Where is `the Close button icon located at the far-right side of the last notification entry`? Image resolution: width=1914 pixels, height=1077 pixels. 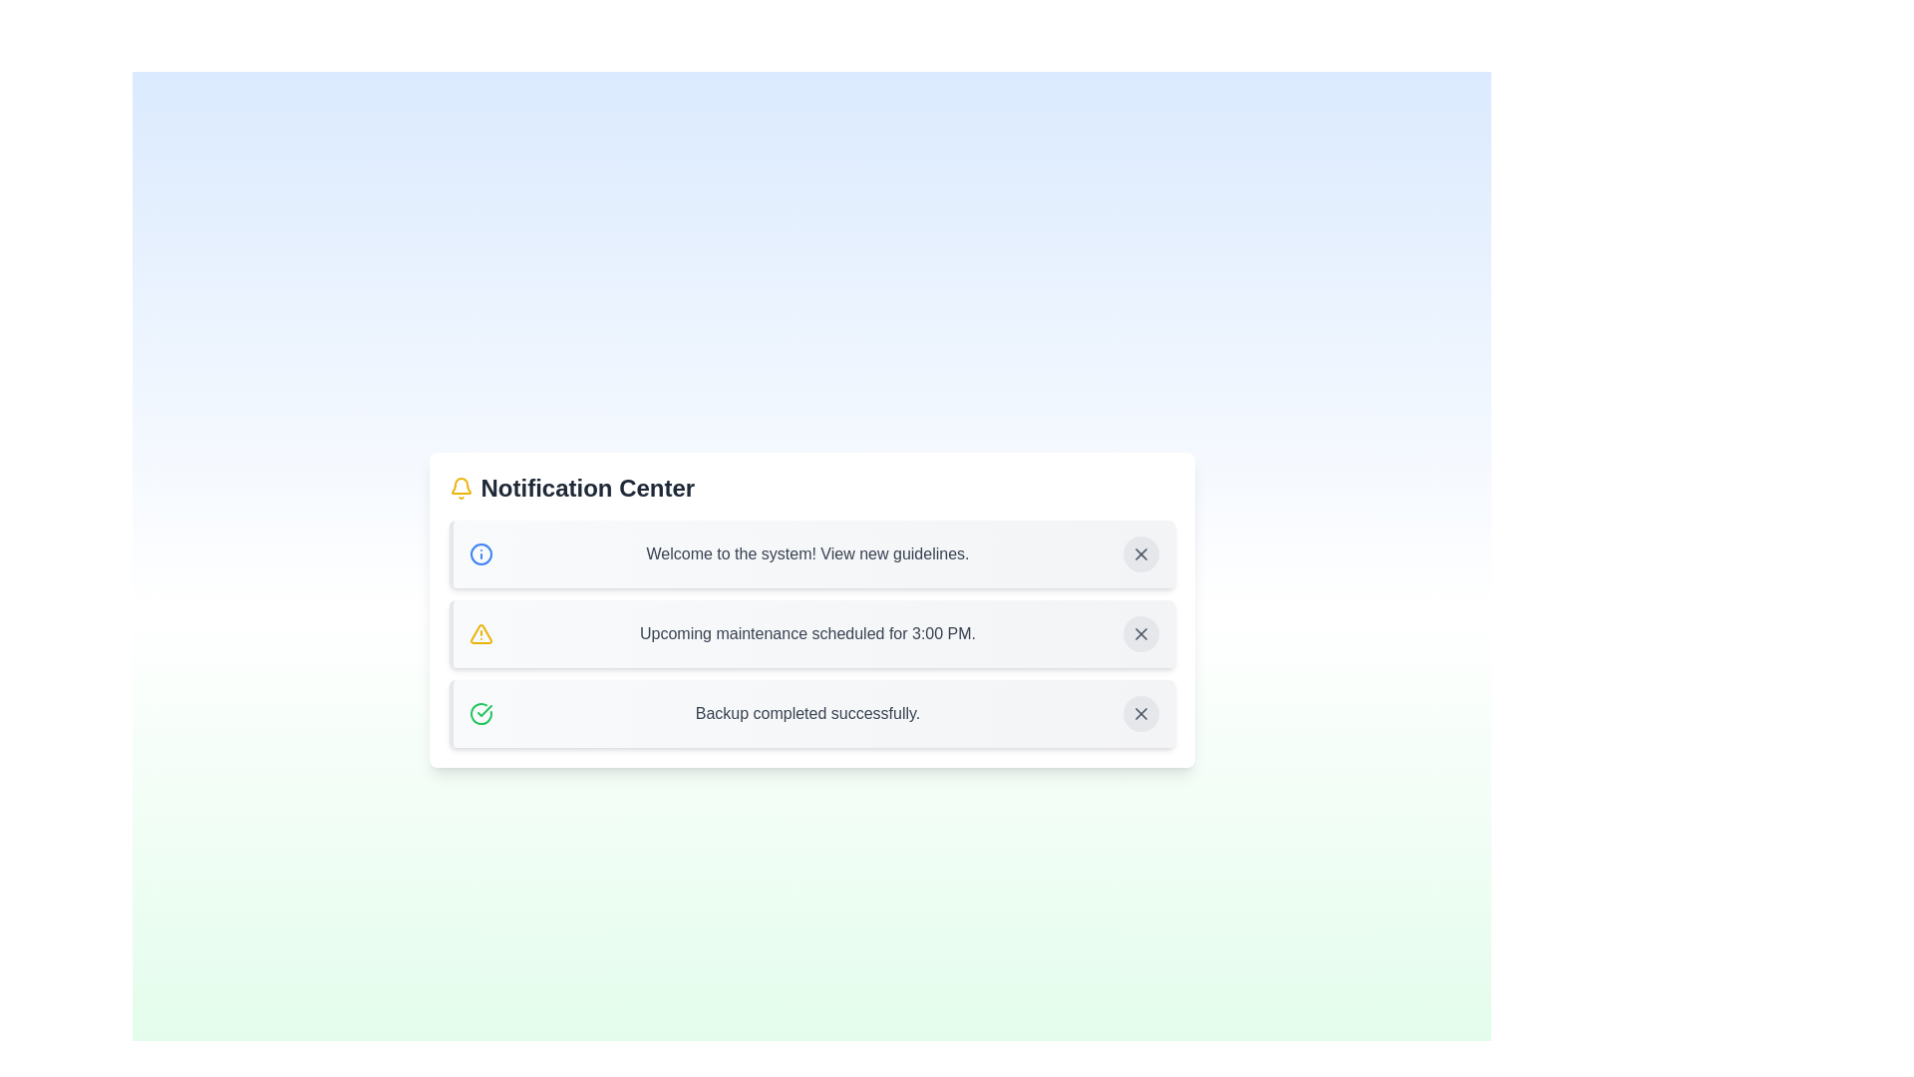
the Close button icon located at the far-right side of the last notification entry is located at coordinates (1140, 713).